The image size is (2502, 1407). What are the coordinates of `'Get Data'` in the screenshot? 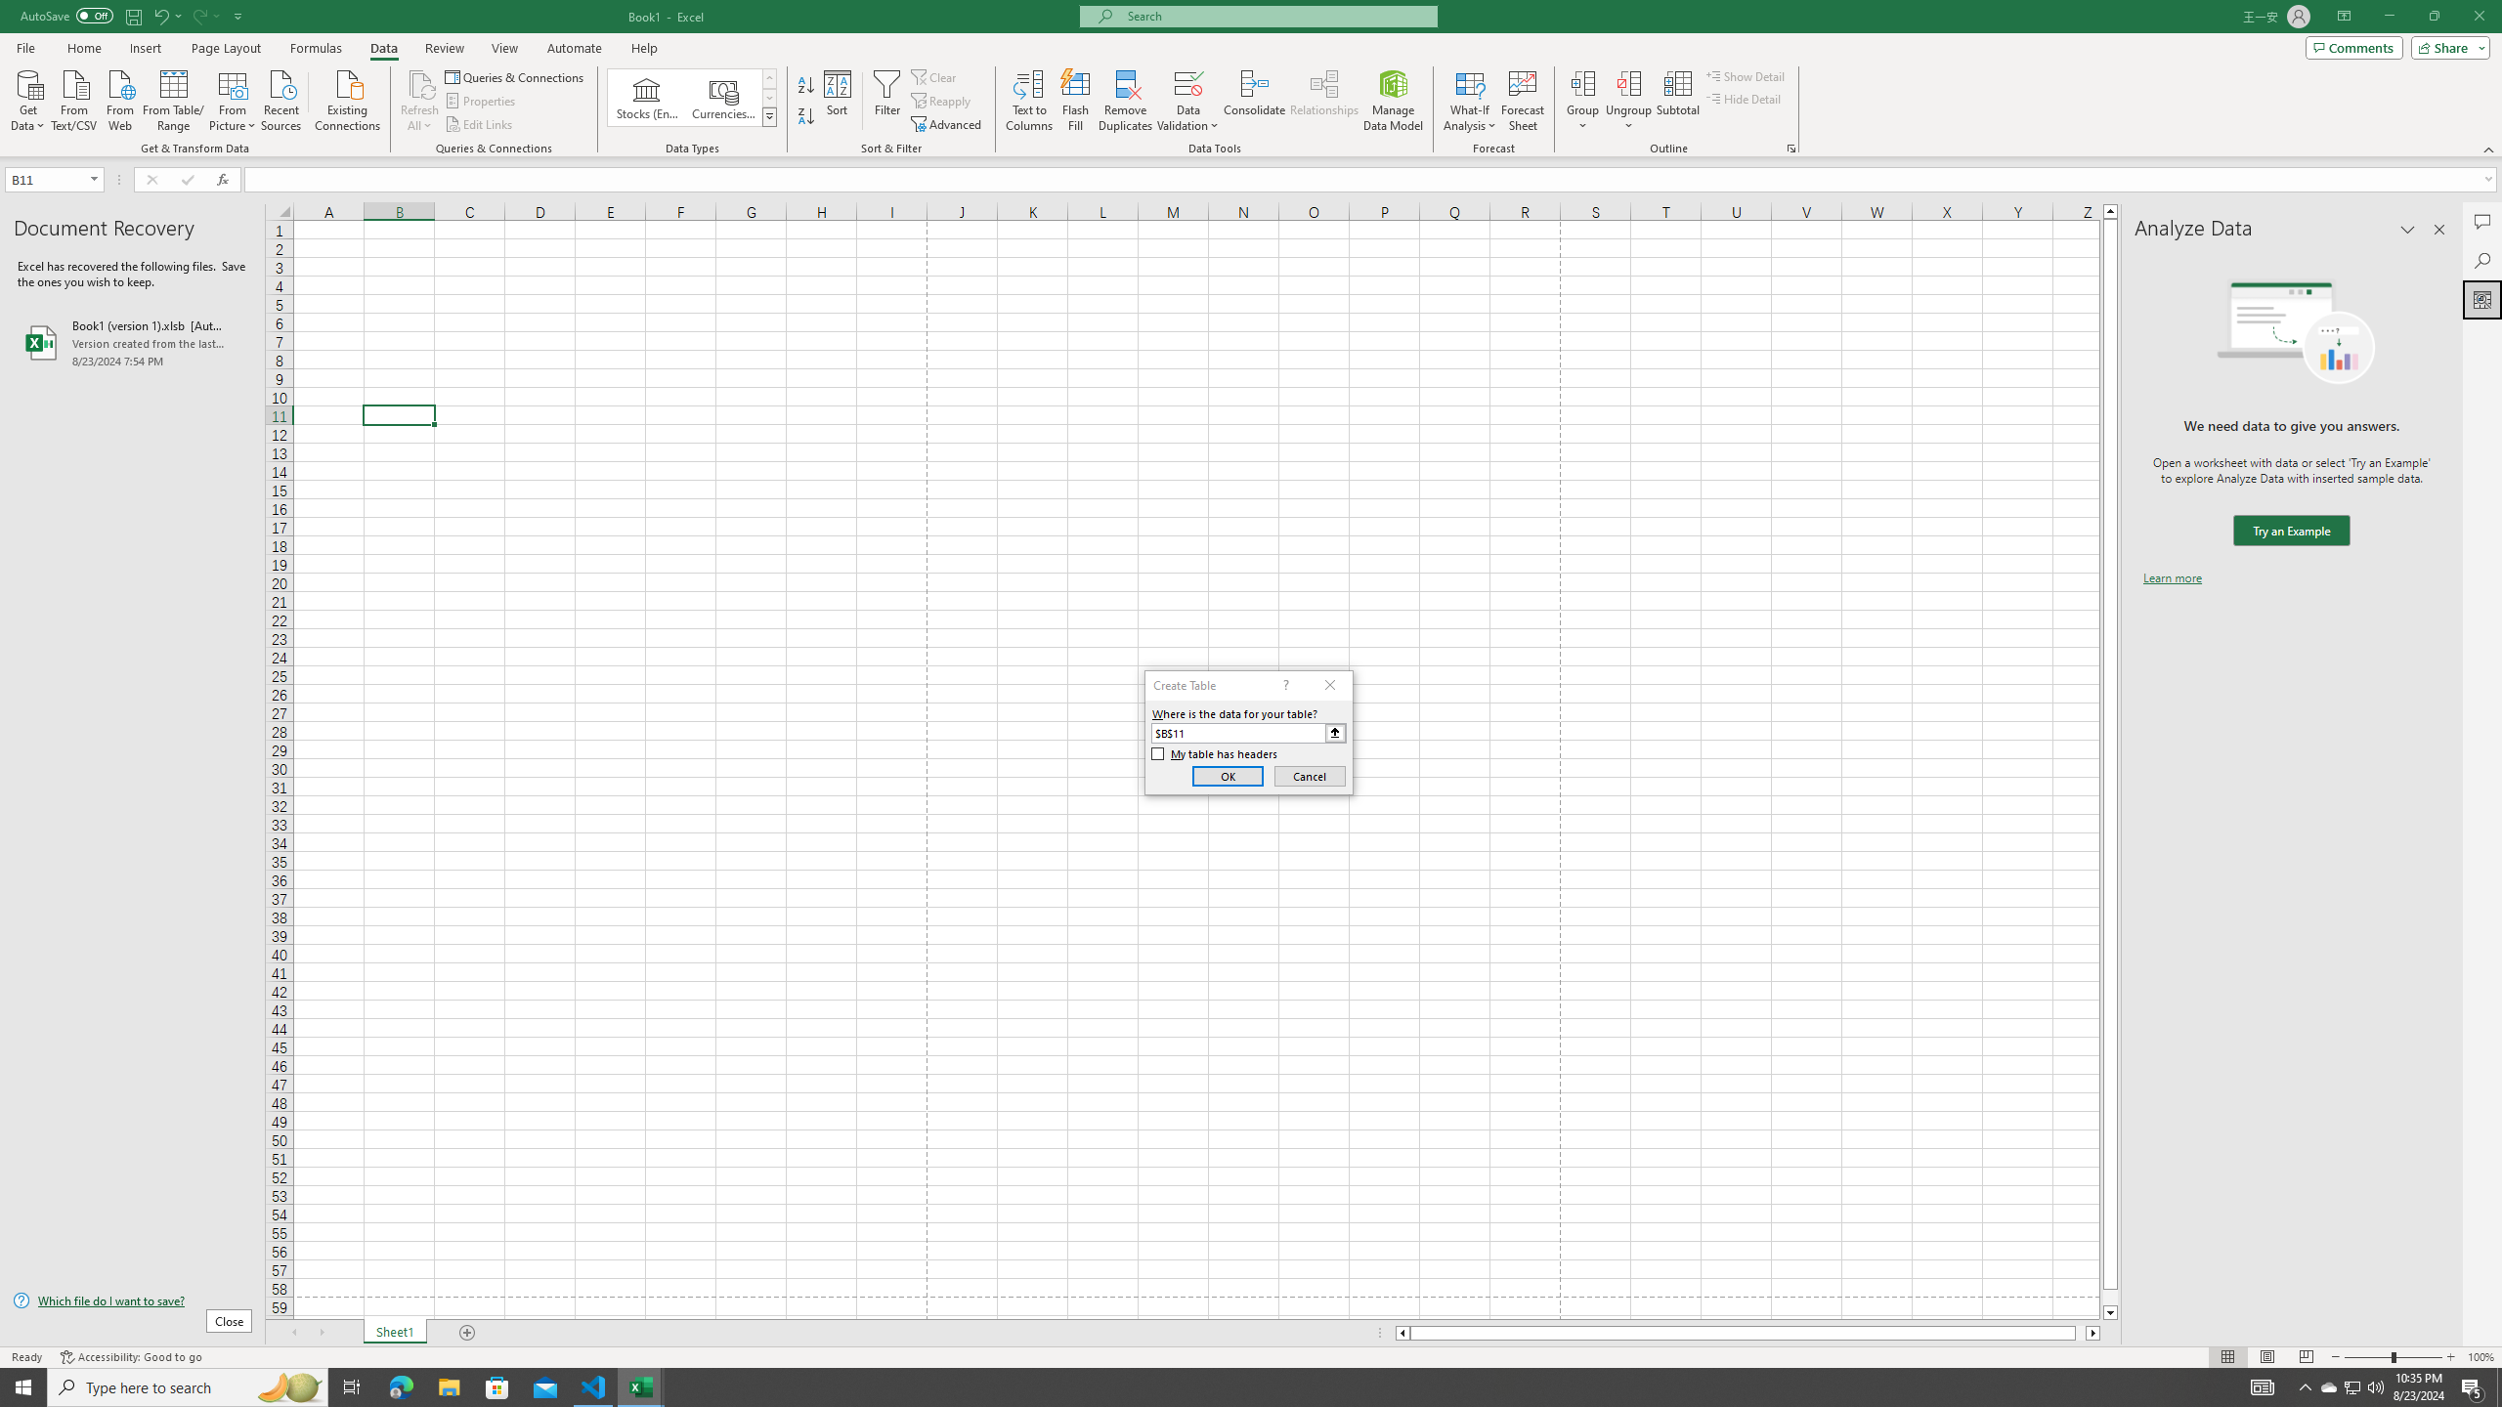 It's located at (27, 98).